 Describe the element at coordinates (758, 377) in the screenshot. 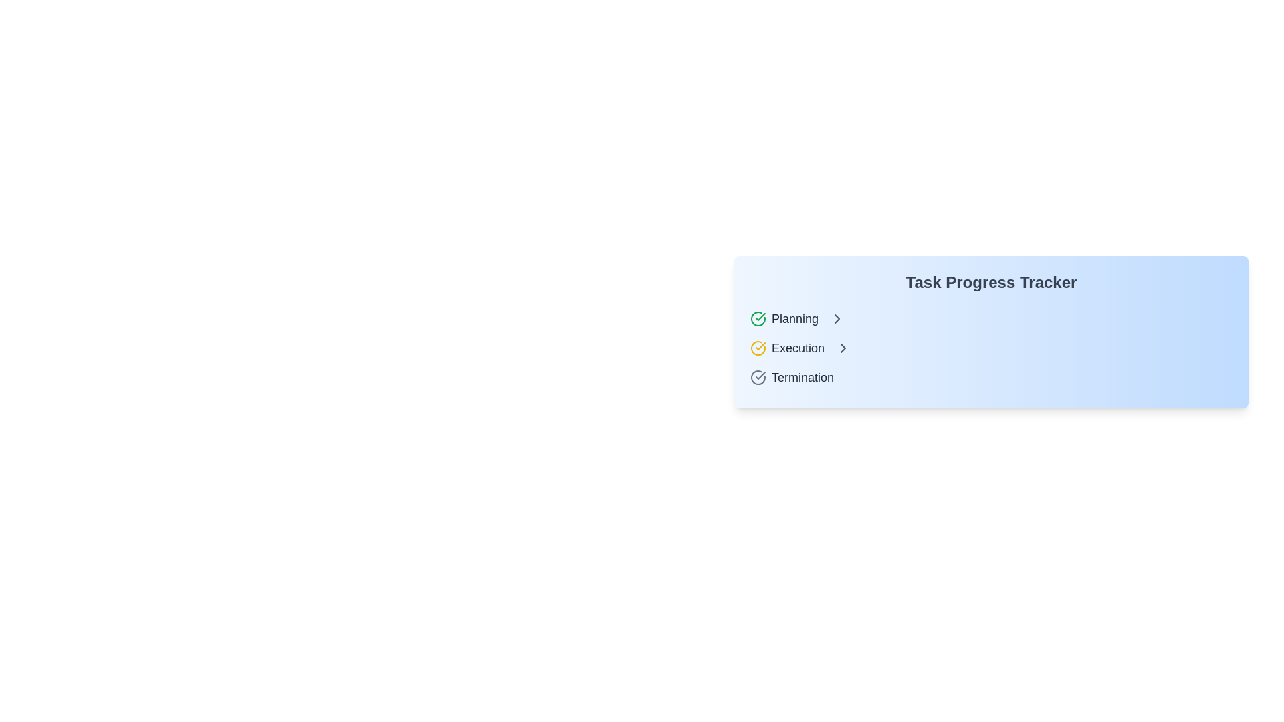

I see `the decorative icon indicating a specific status related to the 'Termination' label, located to the left of the label and positioned near the bottom of a list component` at that location.